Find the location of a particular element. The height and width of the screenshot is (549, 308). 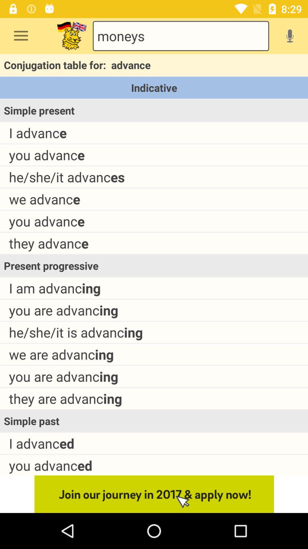

do a vocal search is located at coordinates (290, 35).